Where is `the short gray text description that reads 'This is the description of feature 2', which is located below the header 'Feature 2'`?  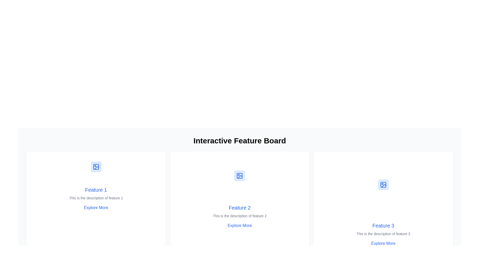
the short gray text description that reads 'This is the description of feature 2', which is located below the header 'Feature 2' is located at coordinates (239, 216).